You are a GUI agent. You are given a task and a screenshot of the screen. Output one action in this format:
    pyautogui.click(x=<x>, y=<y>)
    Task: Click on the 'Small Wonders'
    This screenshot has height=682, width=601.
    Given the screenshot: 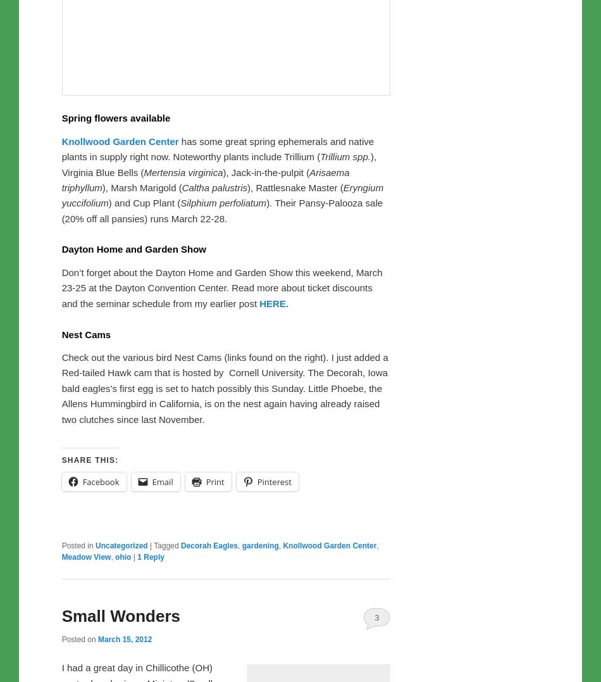 What is the action you would take?
    pyautogui.click(x=120, y=615)
    